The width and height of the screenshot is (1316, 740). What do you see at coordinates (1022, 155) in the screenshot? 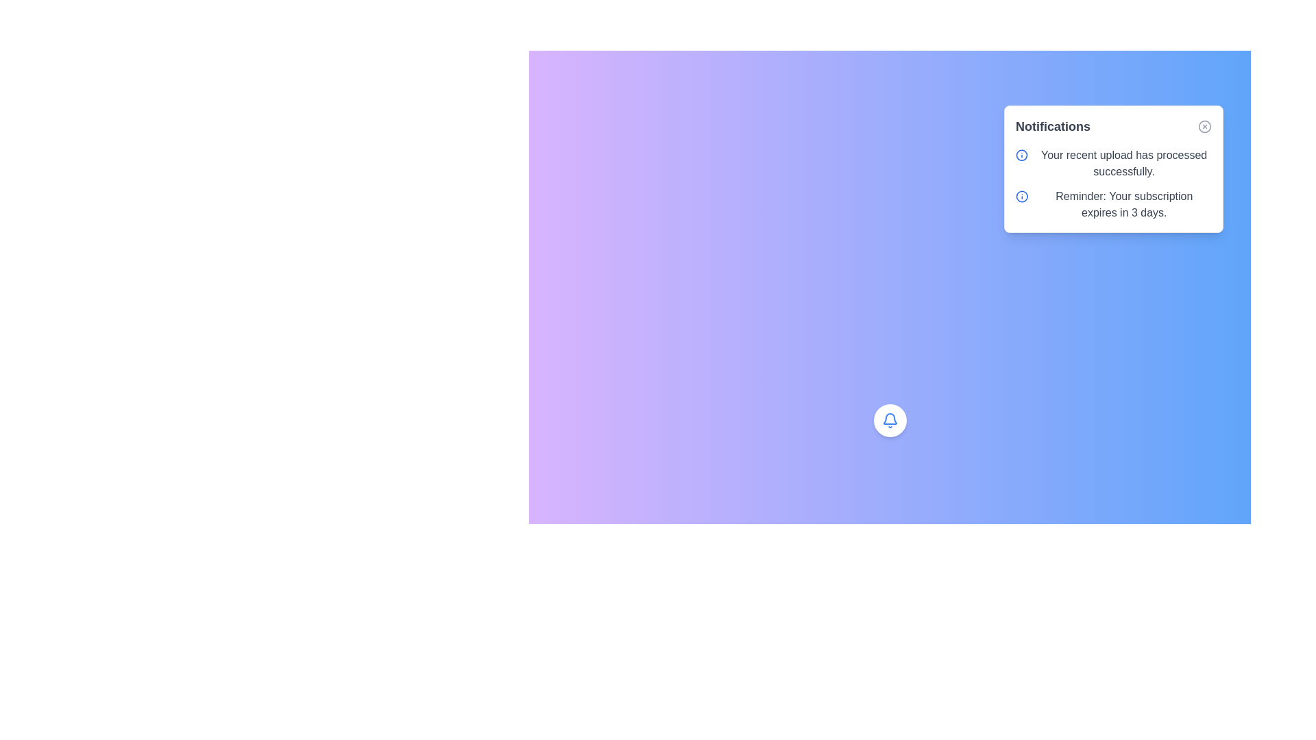
I see `the circular blue-stroked icon located` at bounding box center [1022, 155].